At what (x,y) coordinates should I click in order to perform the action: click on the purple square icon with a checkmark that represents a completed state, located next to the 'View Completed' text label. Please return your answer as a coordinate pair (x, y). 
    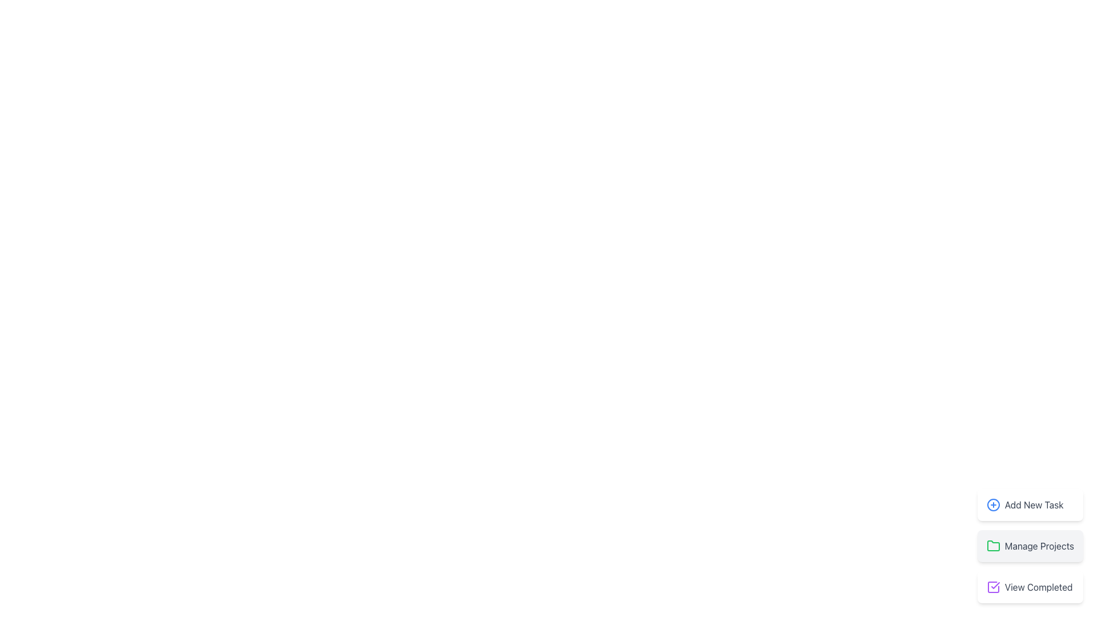
    Looking at the image, I should click on (992, 587).